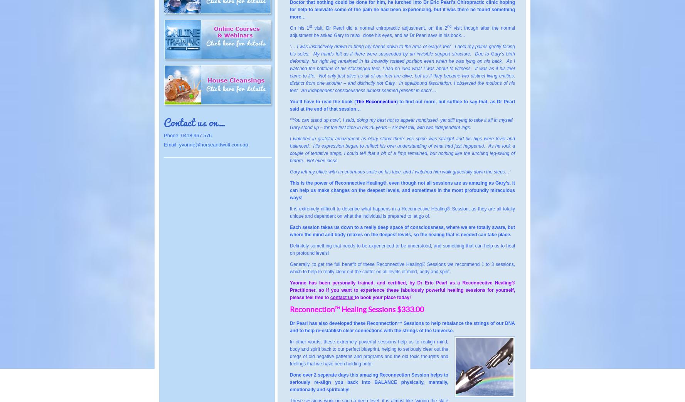  I want to click on 'visit, Dr Pearl did a normal chiropractic adjustment, on the 2', so click(312, 28).